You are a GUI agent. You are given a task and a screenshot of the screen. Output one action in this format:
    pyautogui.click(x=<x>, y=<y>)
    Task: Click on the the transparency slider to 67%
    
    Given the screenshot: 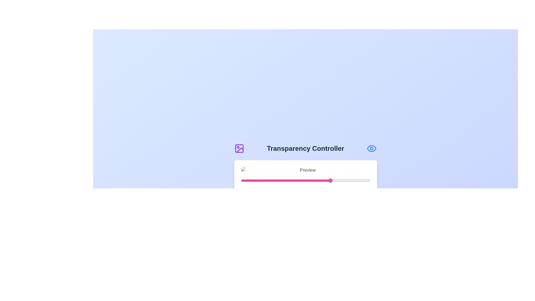 What is the action you would take?
    pyautogui.click(x=327, y=181)
    